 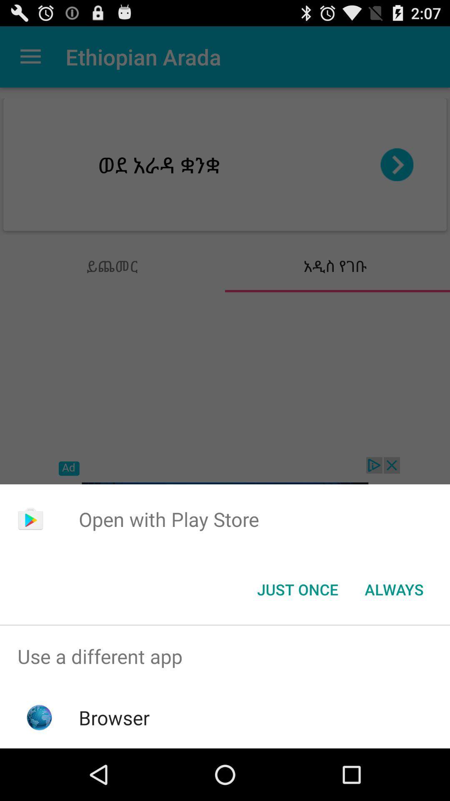 What do you see at coordinates (225, 656) in the screenshot?
I see `use a different icon` at bounding box center [225, 656].